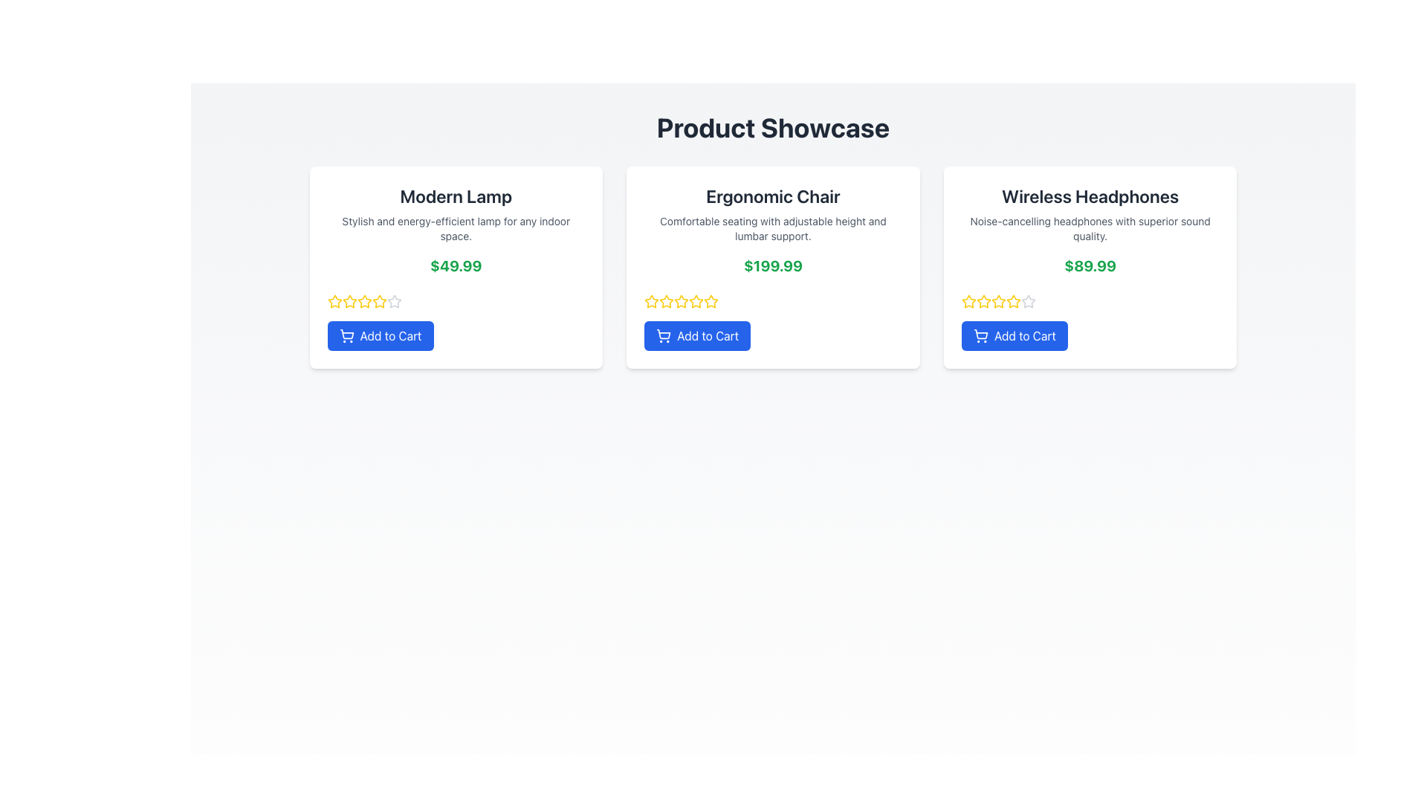  What do you see at coordinates (711, 301) in the screenshot?
I see `the fifth yellow star-shaped icon representing the rating for the 'Ergonomic Chair' product, located beneath the price and above the 'Add to Cart' button` at bounding box center [711, 301].